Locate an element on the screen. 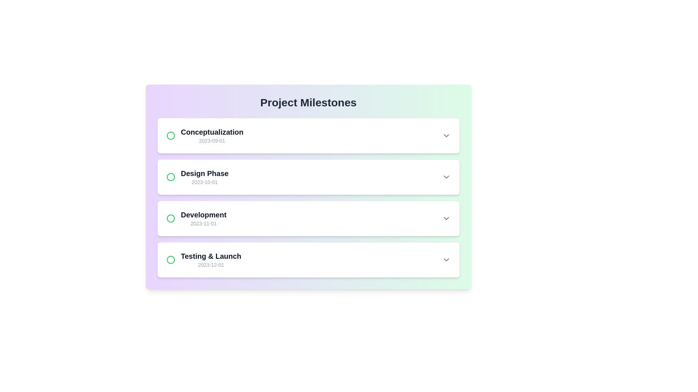 Image resolution: width=698 pixels, height=392 pixels. the icon located to the left of the 'Design Phase' text and above the '2023-10-01' text in the 'Project Milestones' interface is located at coordinates (170, 177).